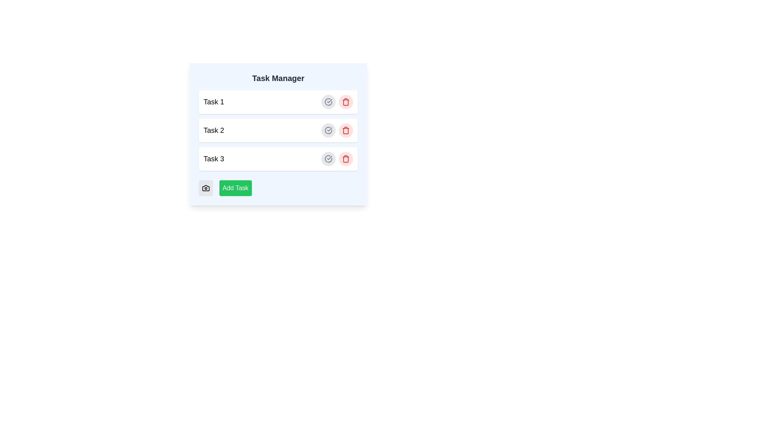  Describe the element at coordinates (206, 188) in the screenshot. I see `the camera icon, which is a minimalistic design with a thin black stroke located at the bottom left corner of the interface near the 'Add Task' button` at that location.